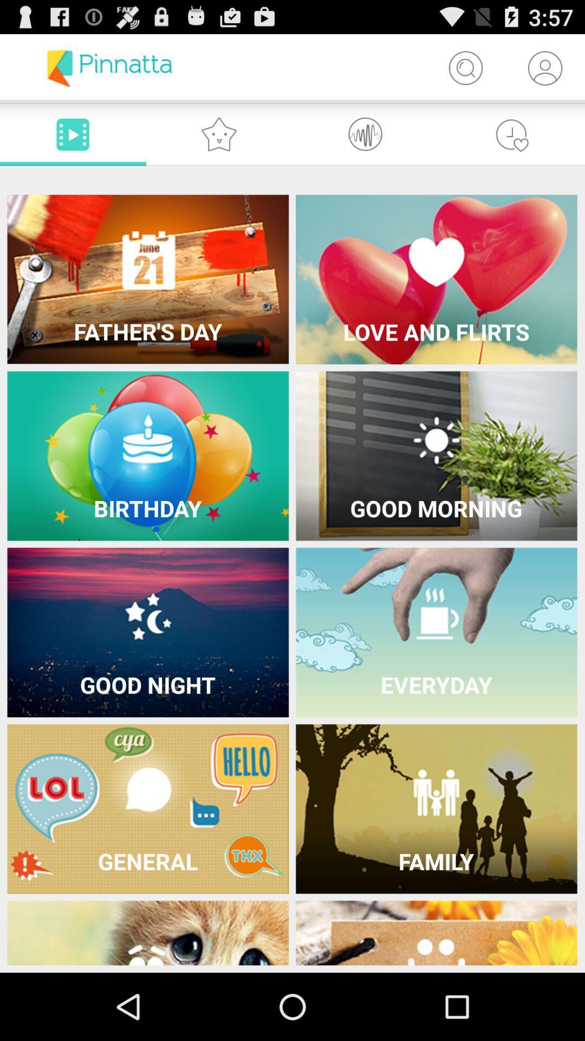 This screenshot has width=585, height=1041. What do you see at coordinates (148, 632) in the screenshot?
I see `the fifth image` at bounding box center [148, 632].